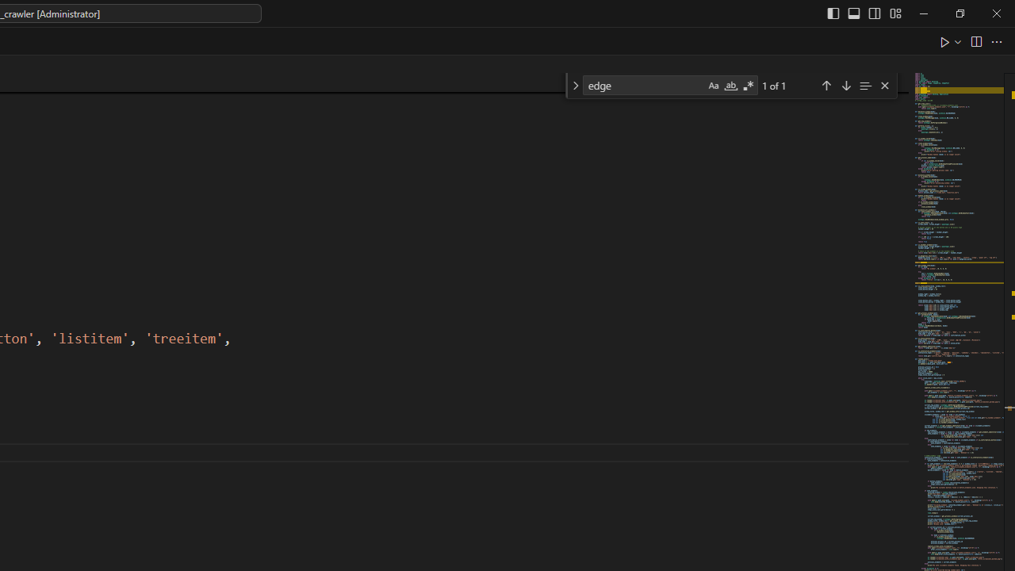 The image size is (1015, 571). What do you see at coordinates (975, 40) in the screenshot?
I see `'Split Editor Right (Ctrl+\) [Alt] Split Editor Down'` at bounding box center [975, 40].